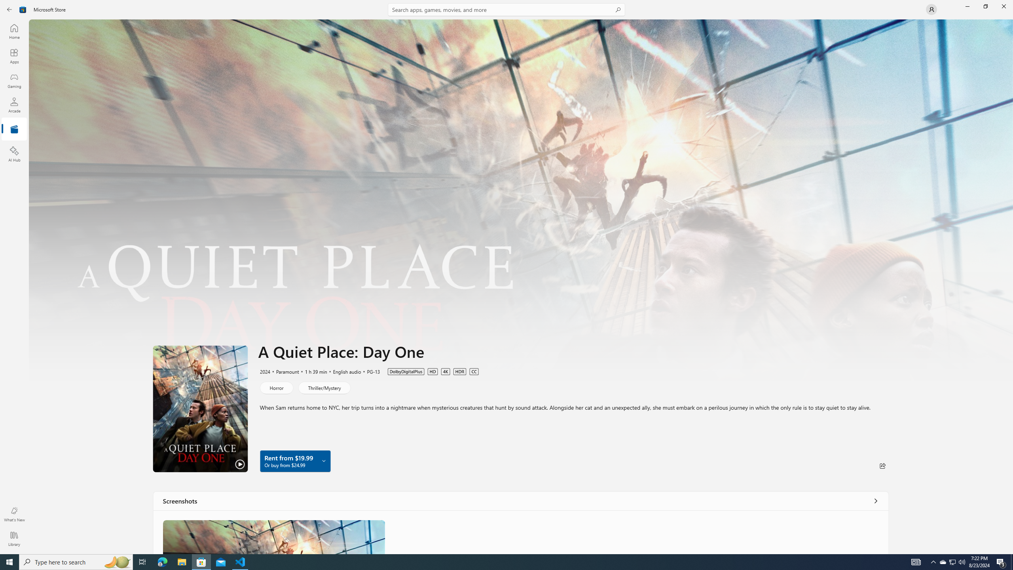 Image resolution: width=1013 pixels, height=570 pixels. Describe the element at coordinates (264, 371) in the screenshot. I see `'2024'` at that location.